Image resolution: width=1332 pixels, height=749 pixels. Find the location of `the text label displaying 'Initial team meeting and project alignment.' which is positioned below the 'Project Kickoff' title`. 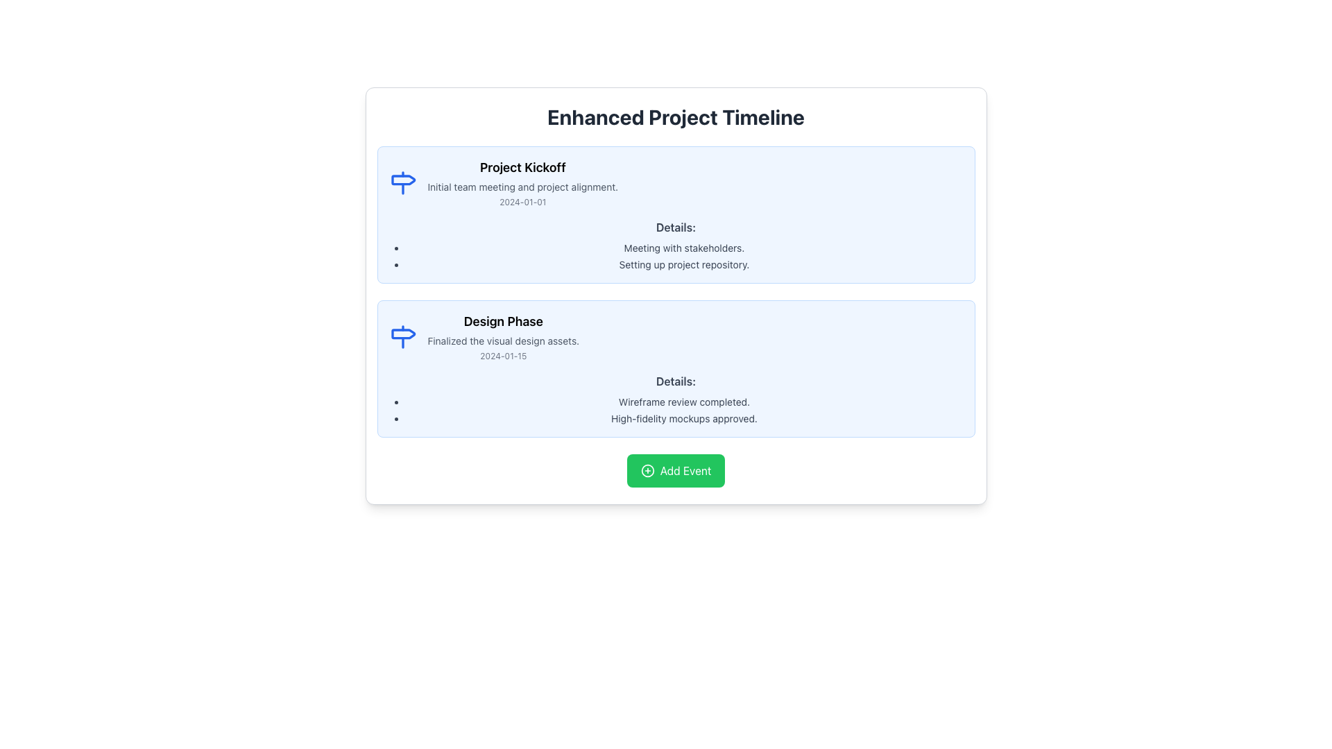

the text label displaying 'Initial team meeting and project alignment.' which is positioned below the 'Project Kickoff' title is located at coordinates (522, 187).